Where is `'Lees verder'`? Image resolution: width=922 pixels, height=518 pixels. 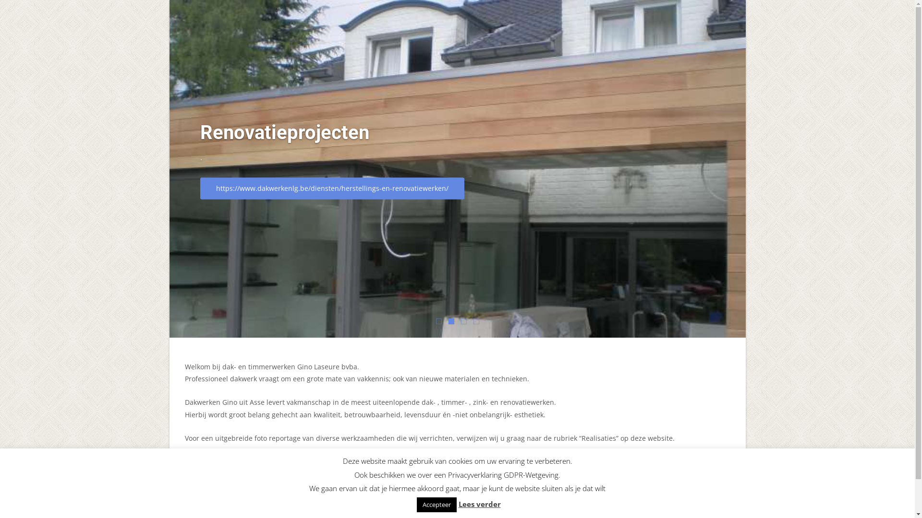 'Lees verder' is located at coordinates (458, 503).